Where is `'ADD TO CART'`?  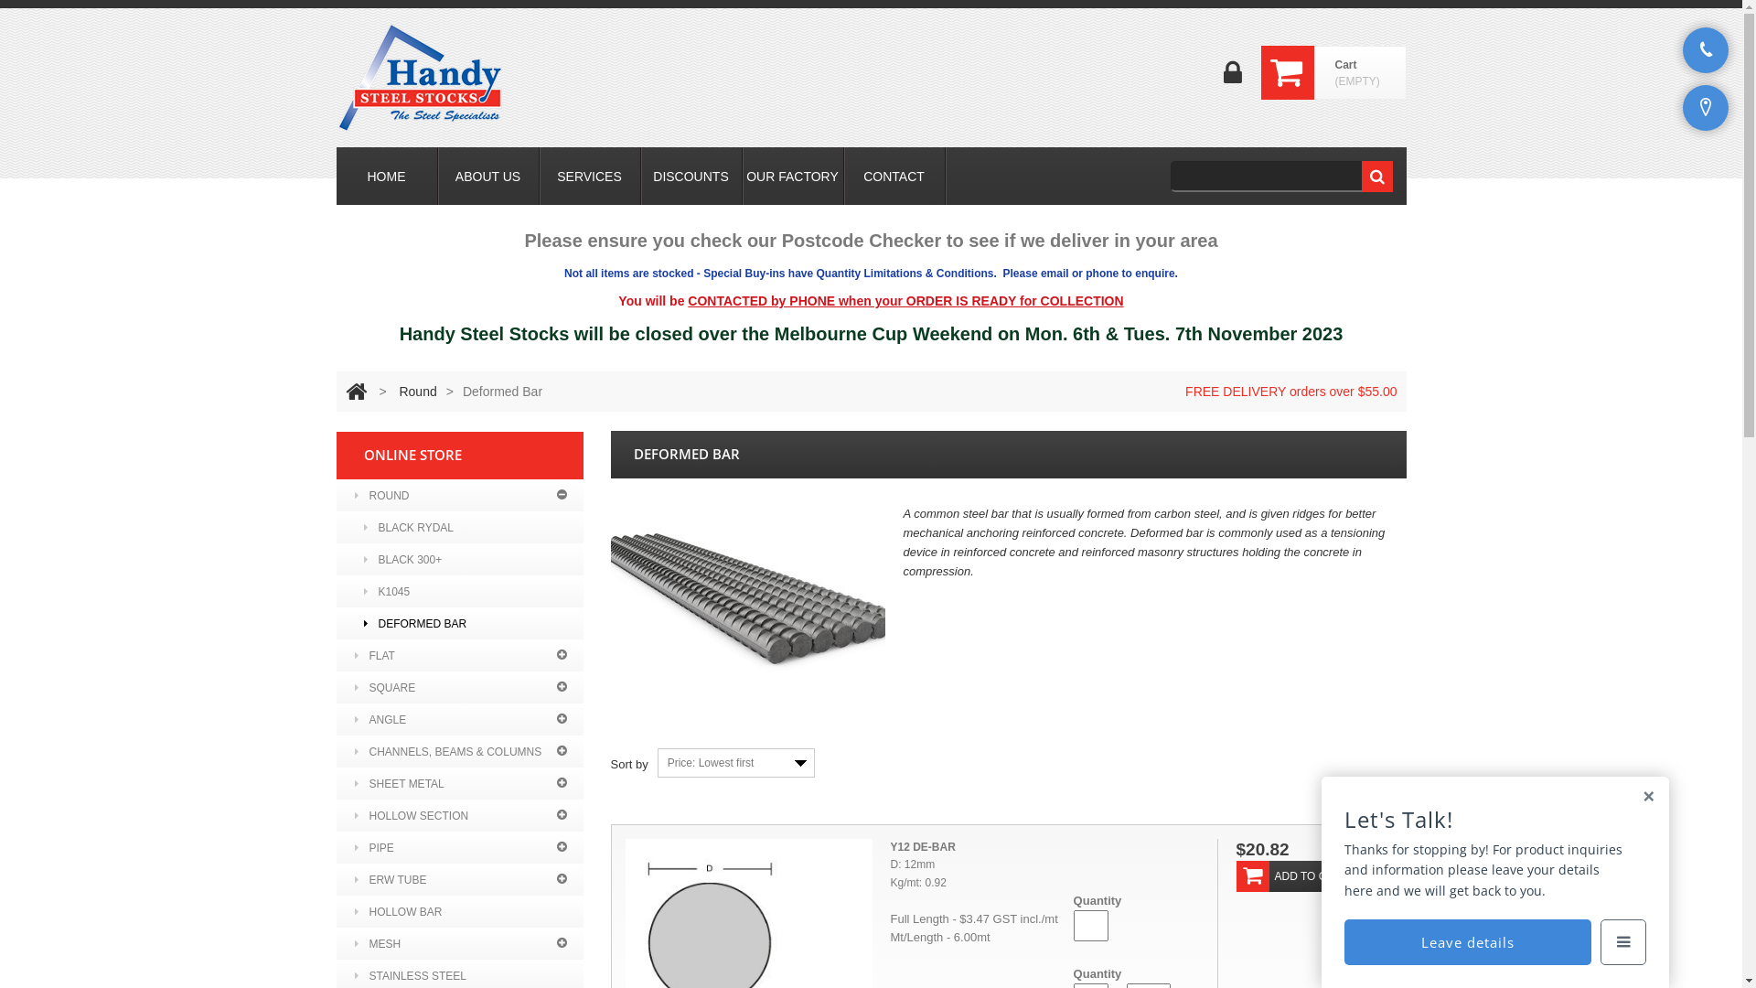
'ADD TO CART' is located at coordinates (1237, 875).